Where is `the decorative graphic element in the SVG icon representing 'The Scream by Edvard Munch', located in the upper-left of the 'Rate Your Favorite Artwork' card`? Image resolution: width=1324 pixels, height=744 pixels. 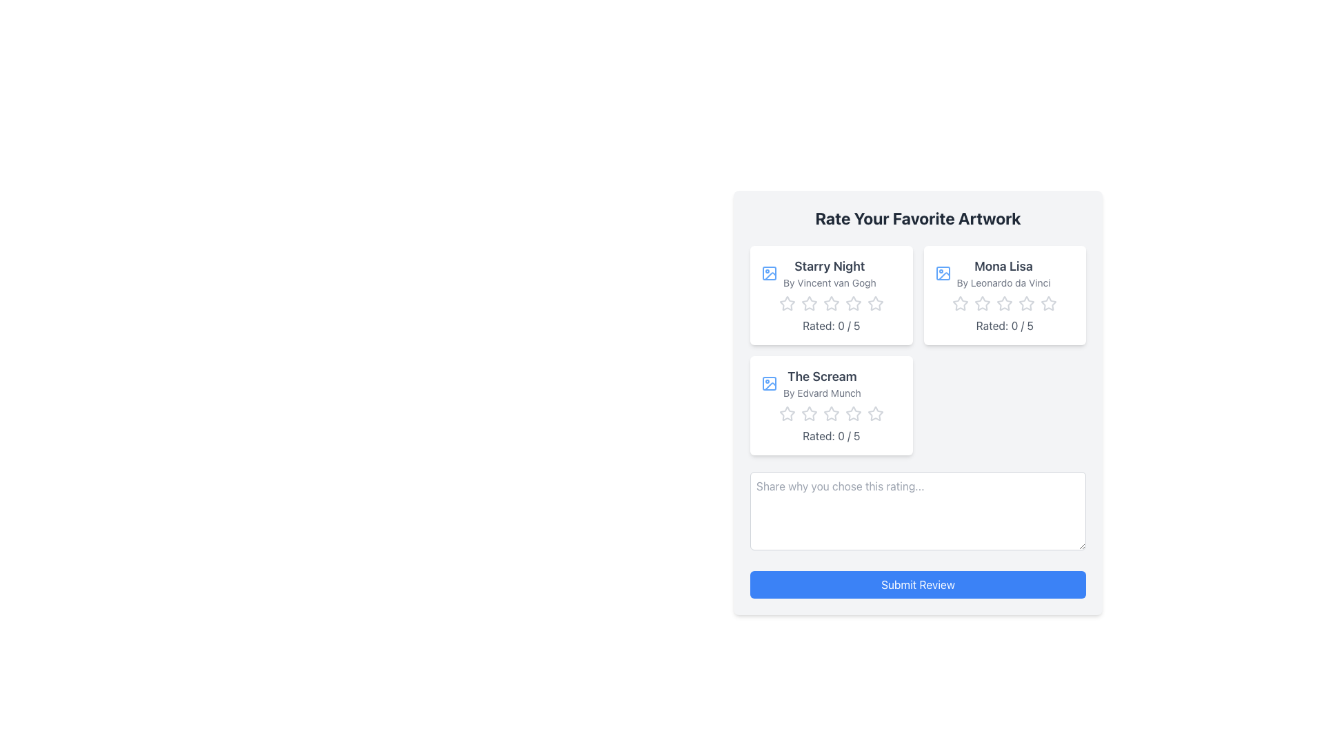 the decorative graphic element in the SVG icon representing 'The Scream by Edvard Munch', located in the upper-left of the 'Rate Your Favorite Artwork' card is located at coordinates (770, 276).